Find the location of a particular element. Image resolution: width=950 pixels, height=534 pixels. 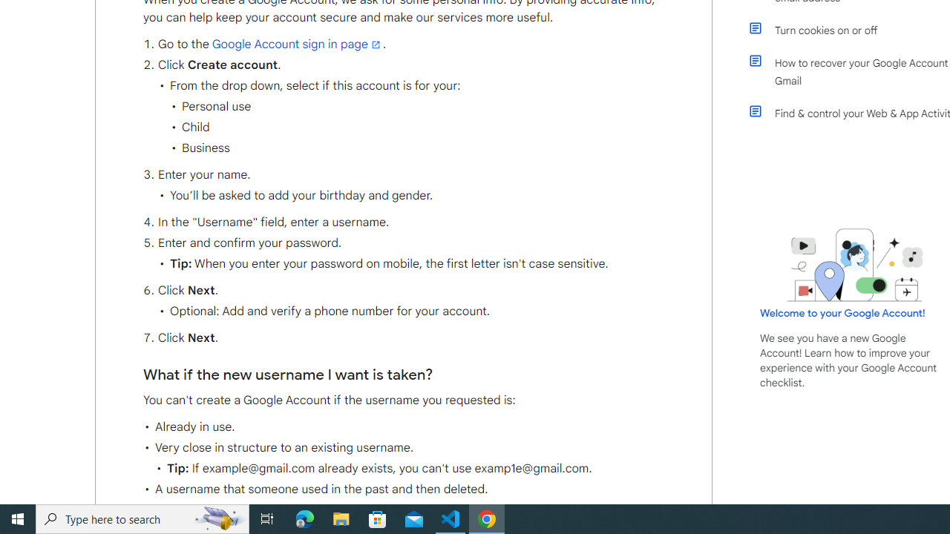

'Google Account sign in page' is located at coordinates (297, 43).